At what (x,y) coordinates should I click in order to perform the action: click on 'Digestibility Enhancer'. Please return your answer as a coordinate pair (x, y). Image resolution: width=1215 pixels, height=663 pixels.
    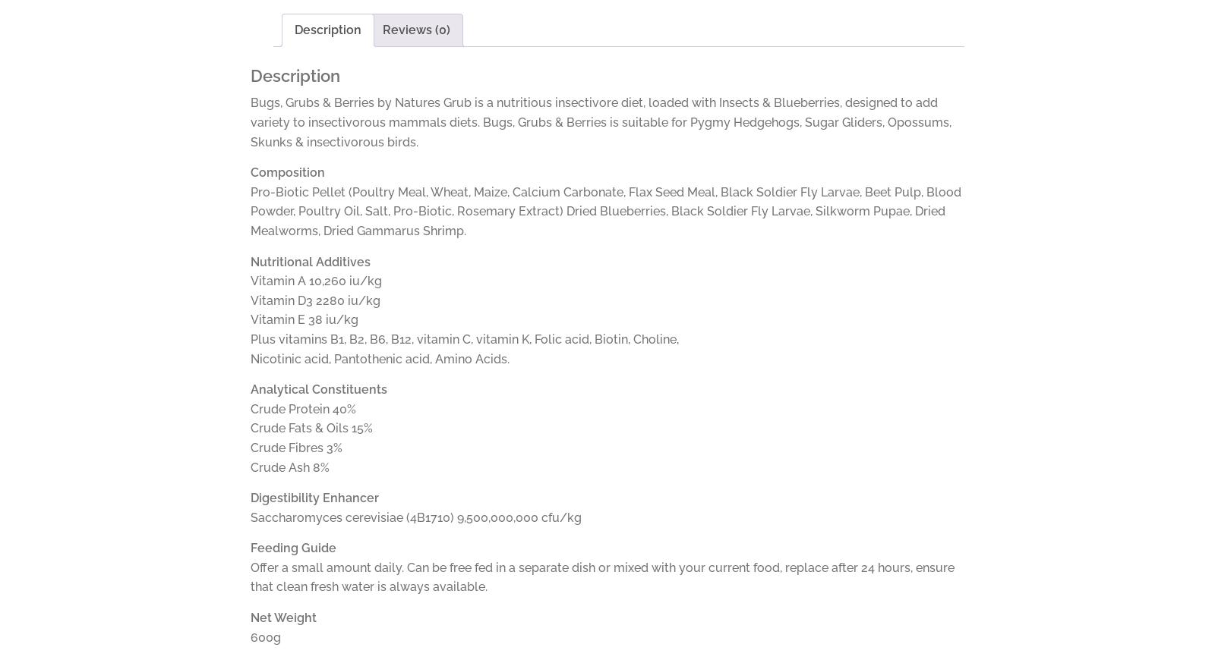
    Looking at the image, I should click on (314, 498).